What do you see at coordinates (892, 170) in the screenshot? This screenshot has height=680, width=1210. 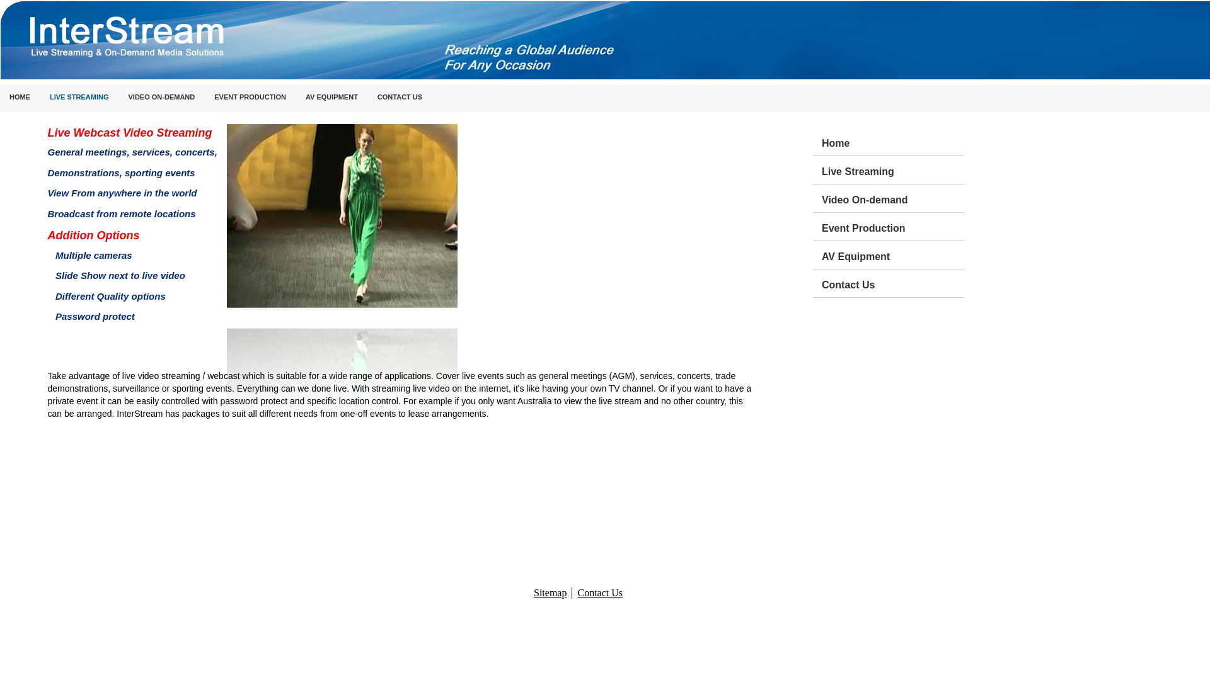 I see `'Live Streaming'` at bounding box center [892, 170].